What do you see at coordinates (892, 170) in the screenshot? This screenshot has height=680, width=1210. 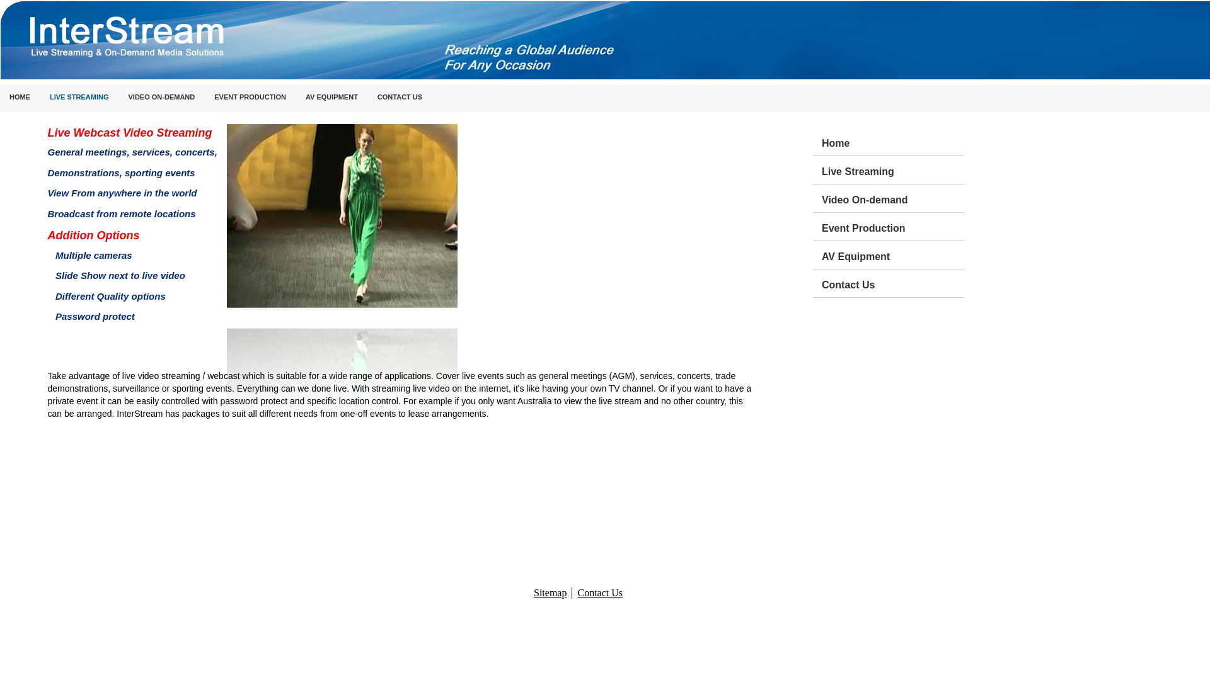 I see `'Live Streaming'` at bounding box center [892, 170].